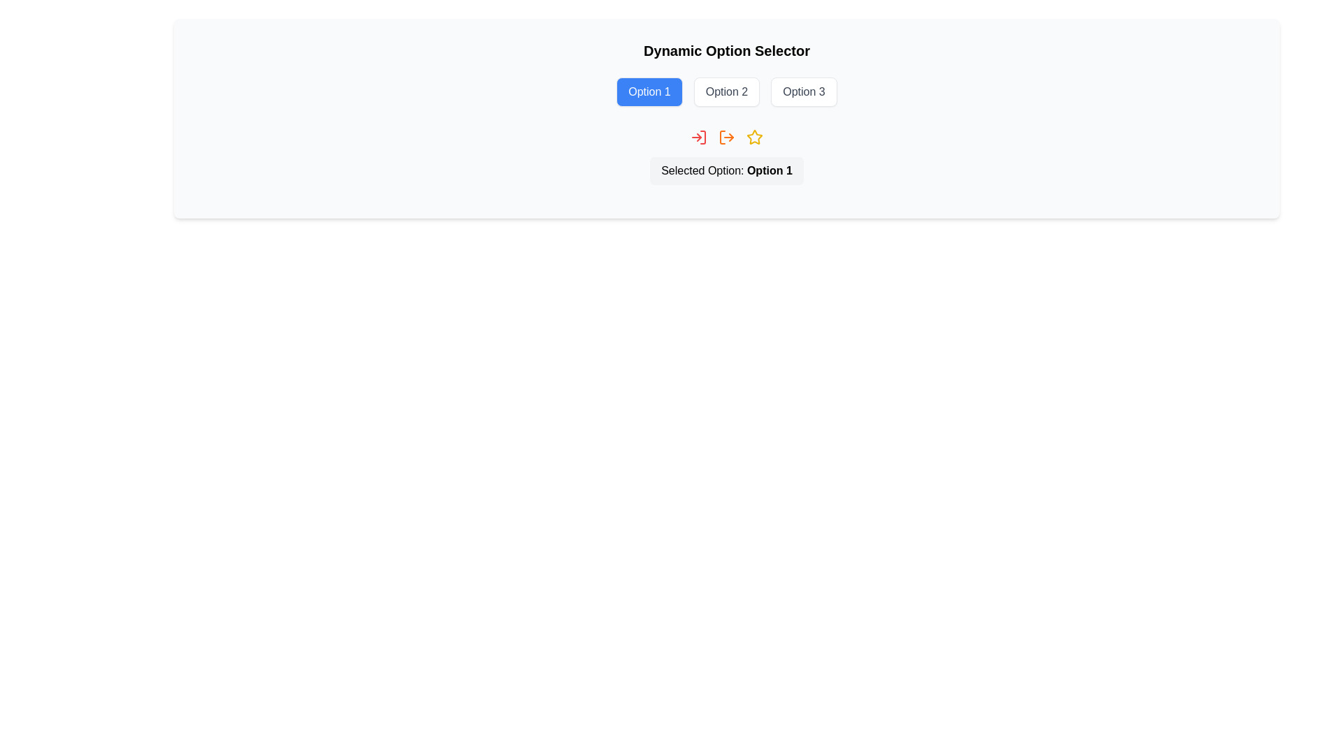 The width and height of the screenshot is (1342, 754). Describe the element at coordinates (804, 91) in the screenshot. I see `the third button labeled 'Option 3'` at that location.